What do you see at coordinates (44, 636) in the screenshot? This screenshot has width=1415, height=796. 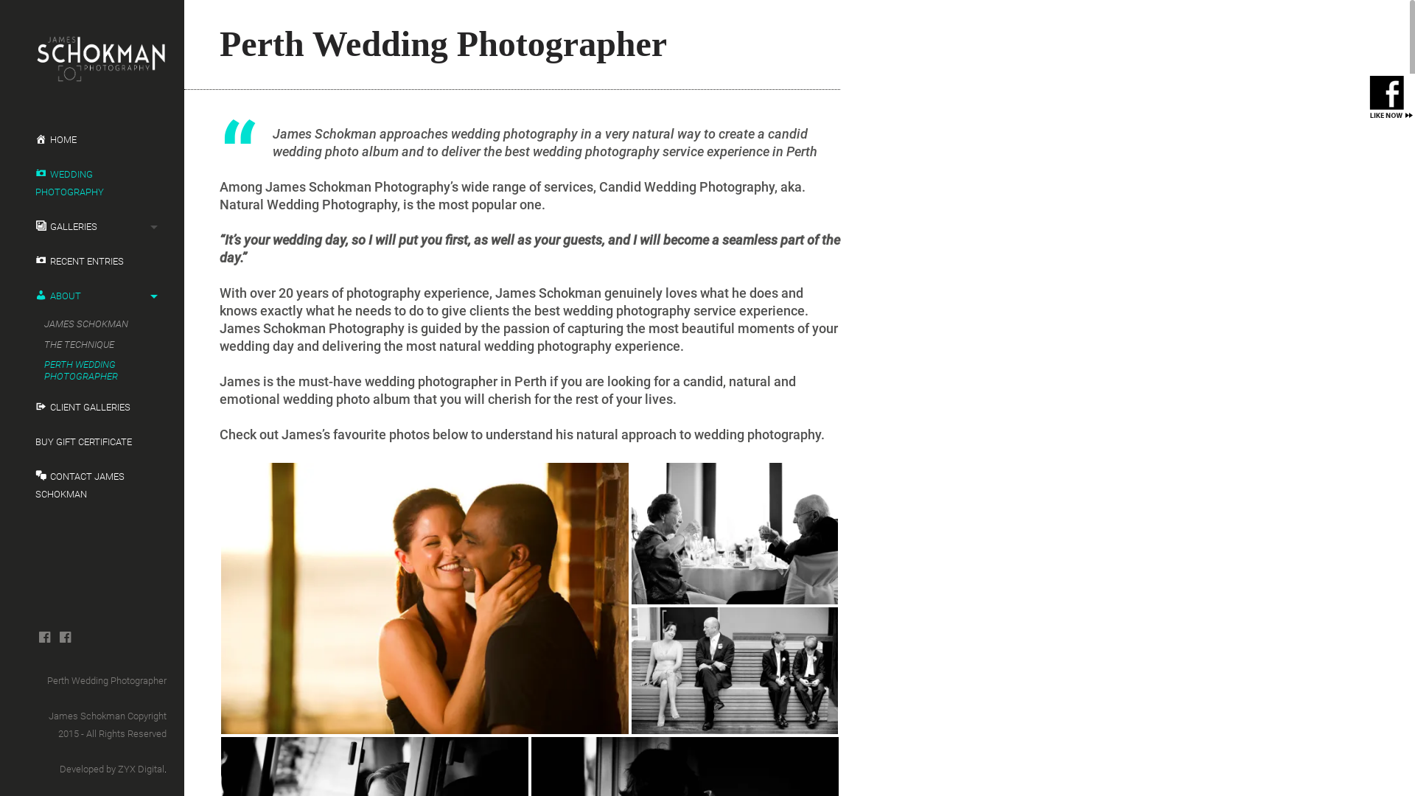 I see `'facebook'` at bounding box center [44, 636].